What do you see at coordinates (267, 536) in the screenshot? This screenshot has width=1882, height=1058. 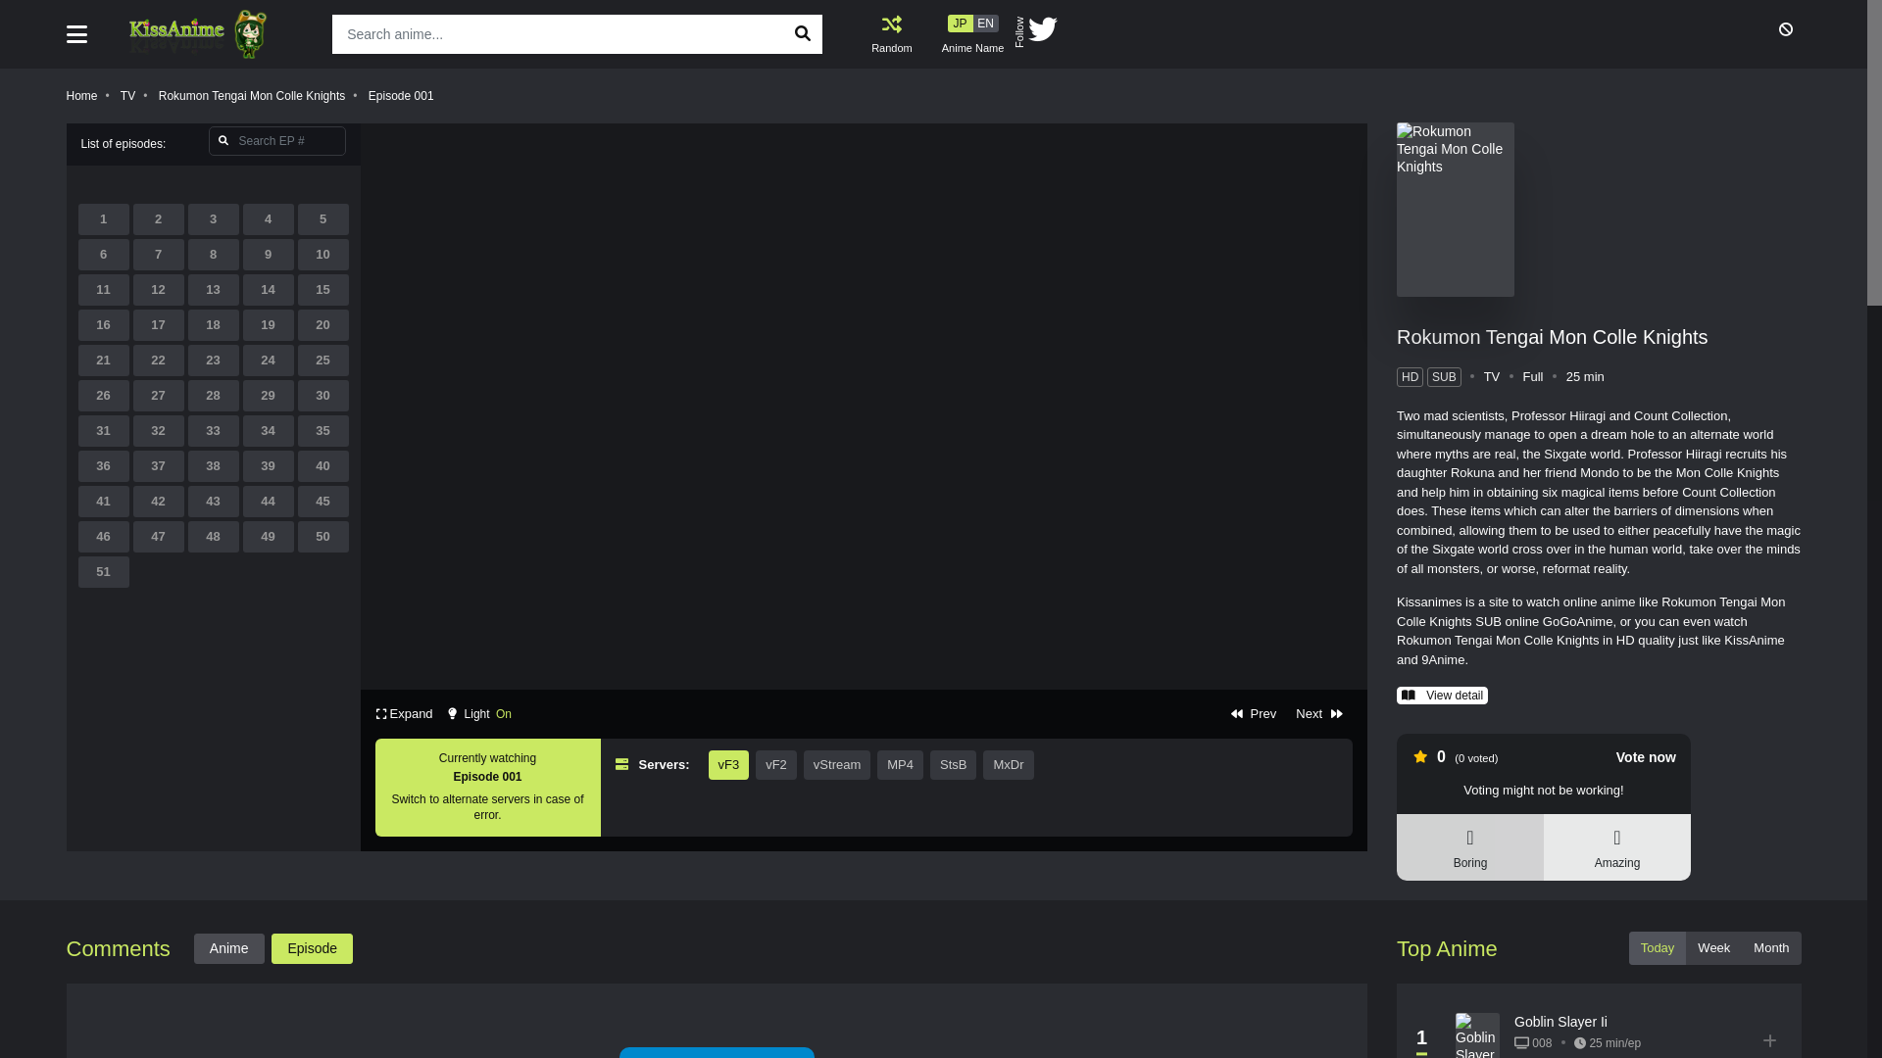 I see `'49'` at bounding box center [267, 536].